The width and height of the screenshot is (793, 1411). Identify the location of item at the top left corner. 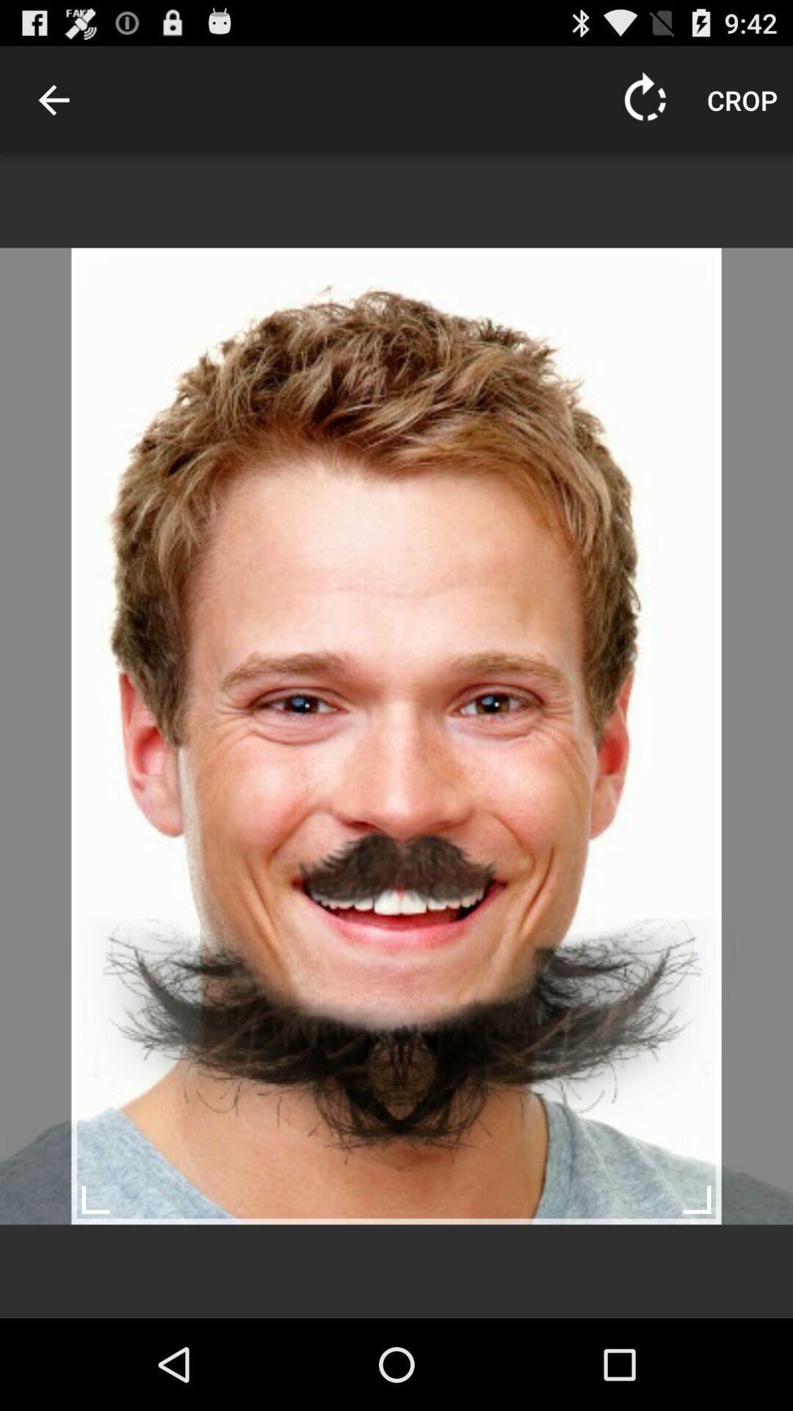
(53, 99).